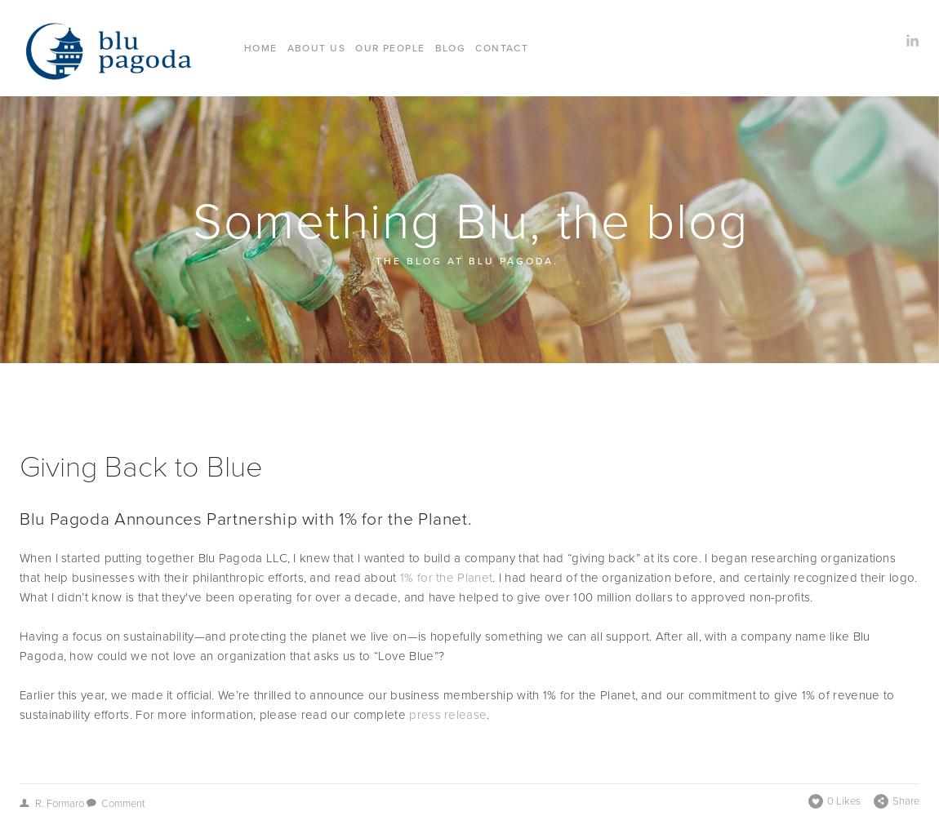 This screenshot has width=939, height=816. What do you see at coordinates (260, 47) in the screenshot?
I see `'Home'` at bounding box center [260, 47].